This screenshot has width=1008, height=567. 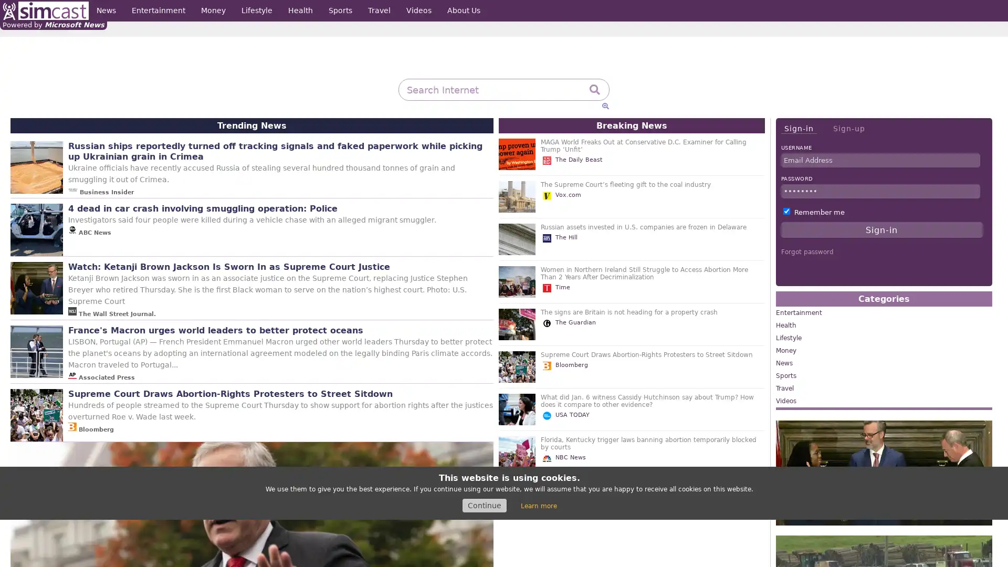 What do you see at coordinates (798, 128) in the screenshot?
I see `Sign-in` at bounding box center [798, 128].